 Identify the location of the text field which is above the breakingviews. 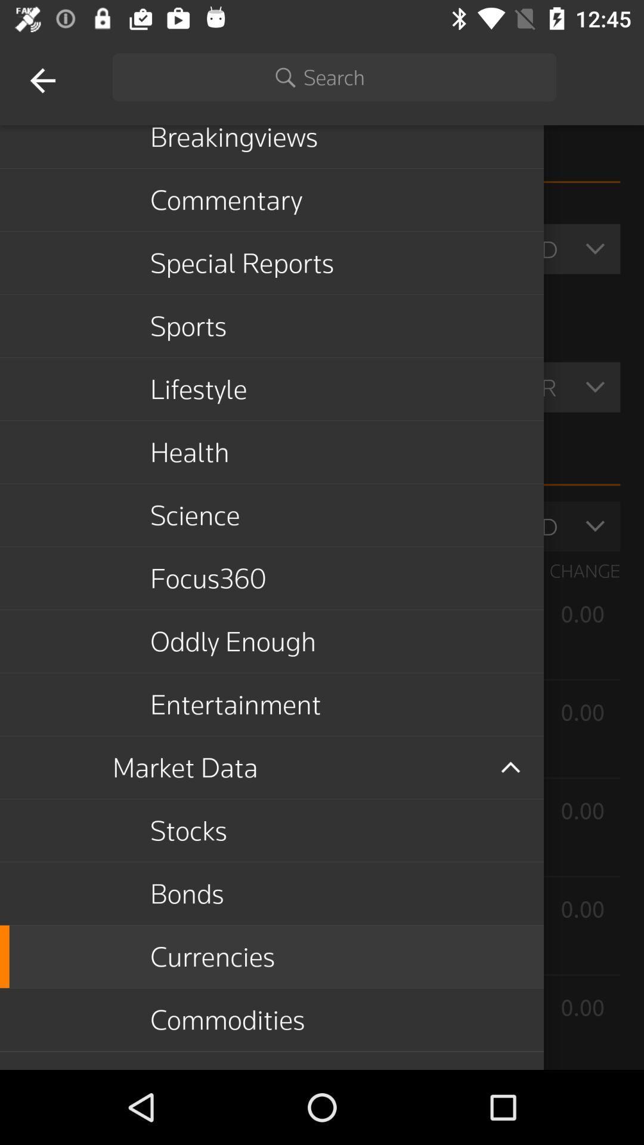
(334, 76).